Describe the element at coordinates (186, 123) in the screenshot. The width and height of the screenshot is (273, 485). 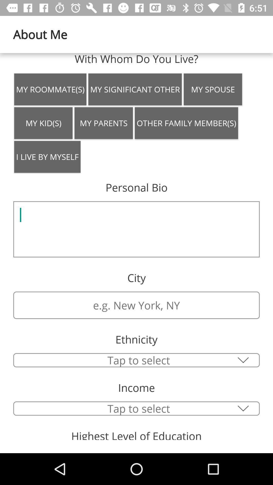
I see `the item to the right of my parents icon` at that location.